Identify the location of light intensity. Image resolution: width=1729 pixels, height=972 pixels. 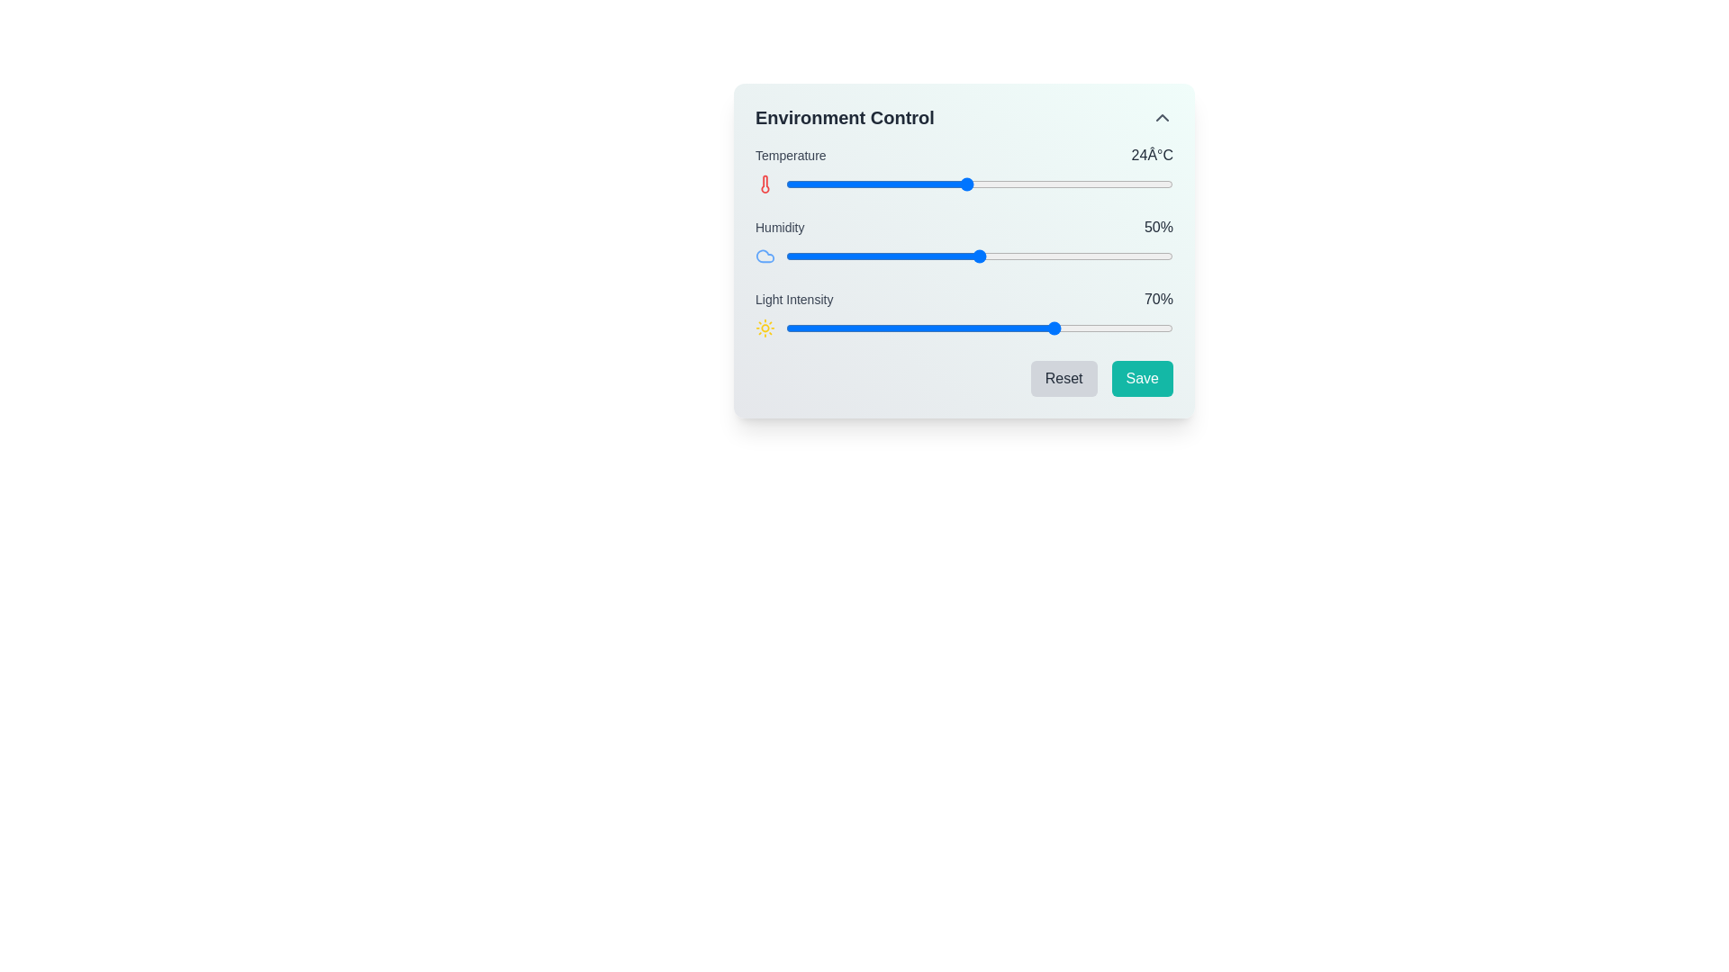
(951, 328).